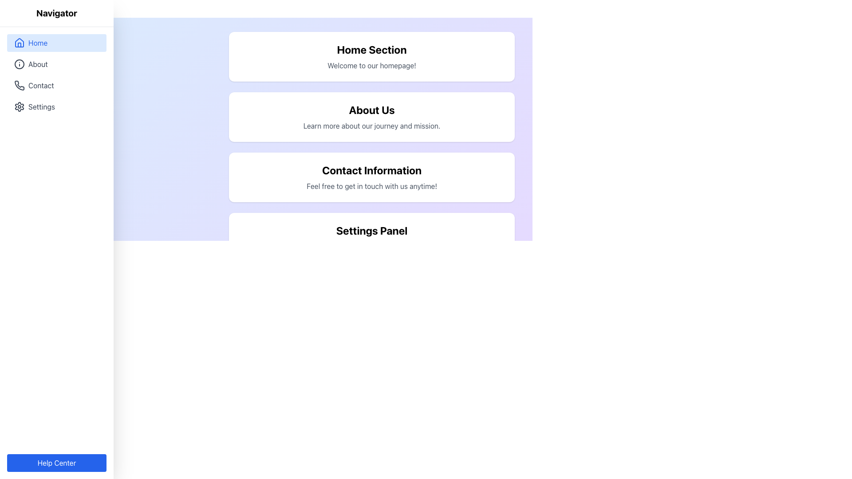 The height and width of the screenshot is (479, 852). Describe the element at coordinates (19, 45) in the screenshot. I see `the door element within the house icon in the navigation menu to enhance its visual representation` at that location.